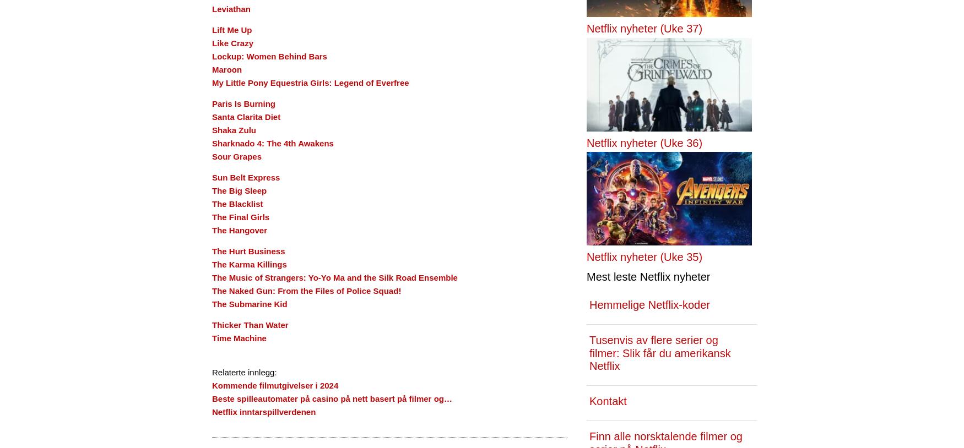  What do you see at coordinates (212, 143) in the screenshot?
I see `'Sharknado 4: The 4th Awakens'` at bounding box center [212, 143].